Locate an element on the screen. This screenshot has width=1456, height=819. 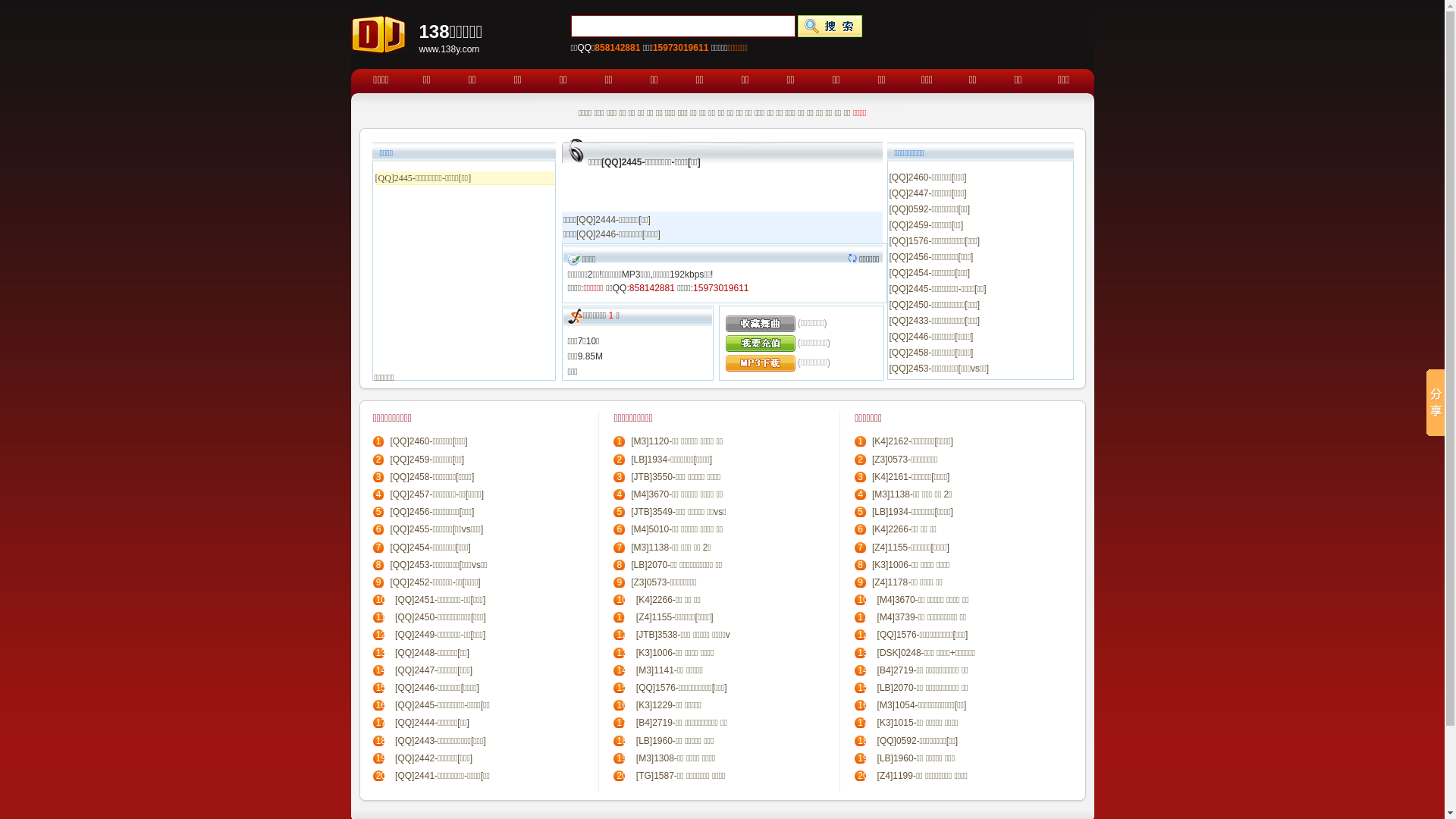
'858142881' is located at coordinates (593, 46).